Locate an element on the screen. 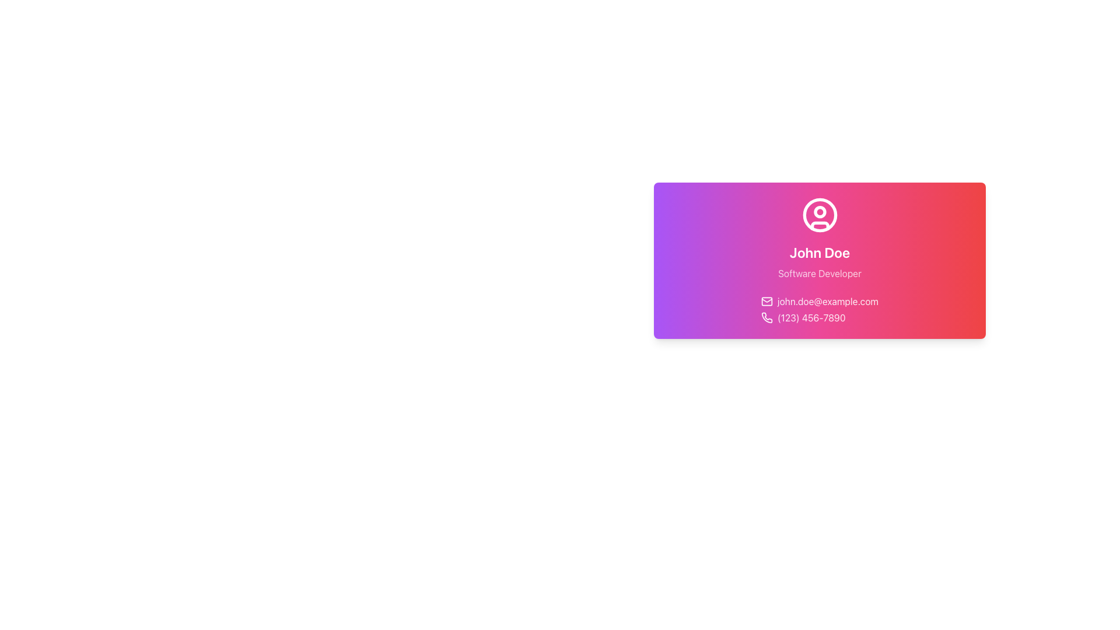  the phone contact icon located at the leftmost position within the contact details row, preceding the text '(123) 456-7890' is located at coordinates (767, 317).